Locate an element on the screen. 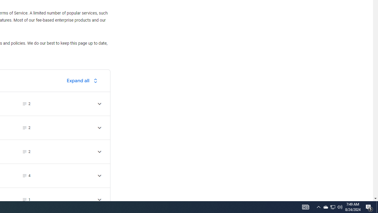  'Expand all' is located at coordinates (83, 80).